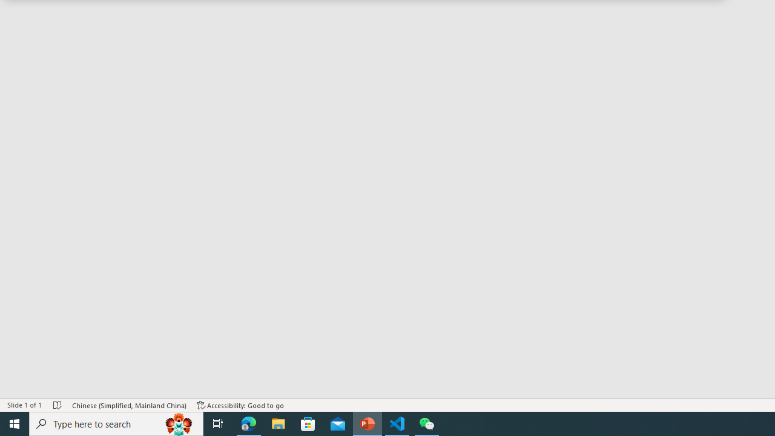  Describe the element at coordinates (278, 423) in the screenshot. I see `'File Explorer'` at that location.